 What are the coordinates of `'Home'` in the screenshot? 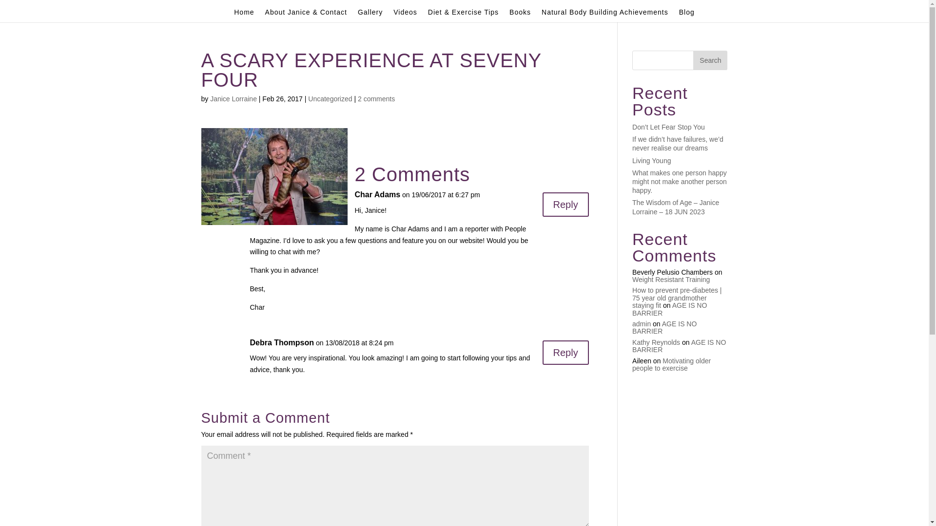 It's located at (244, 15).